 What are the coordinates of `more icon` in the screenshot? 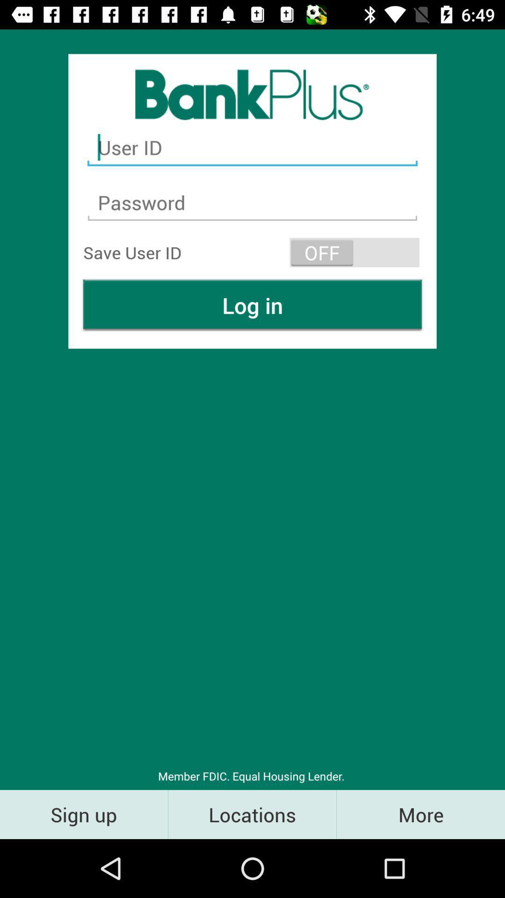 It's located at (420, 814).